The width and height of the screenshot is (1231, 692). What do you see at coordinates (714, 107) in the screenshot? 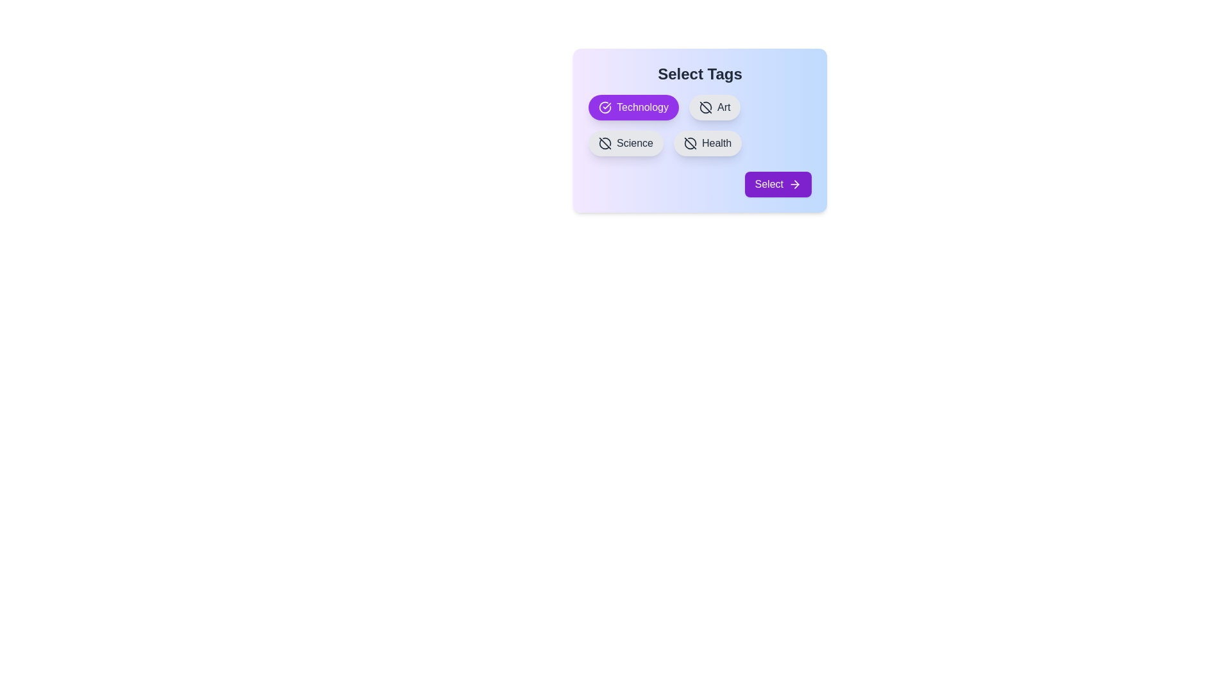
I see `the tag Art` at bounding box center [714, 107].